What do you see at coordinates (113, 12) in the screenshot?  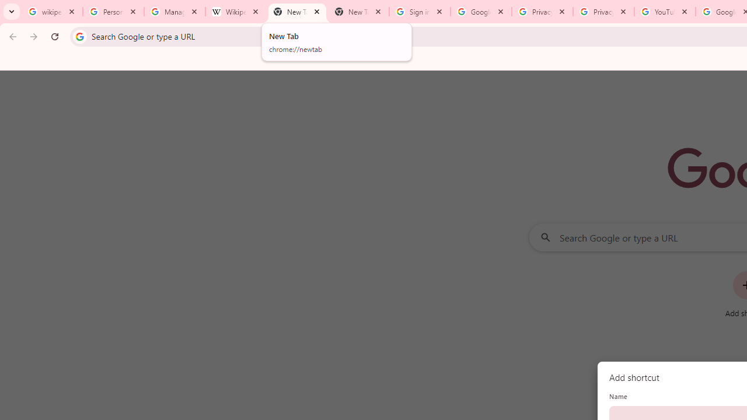 I see `'Personalization & Google Search results - Google Search Help'` at bounding box center [113, 12].